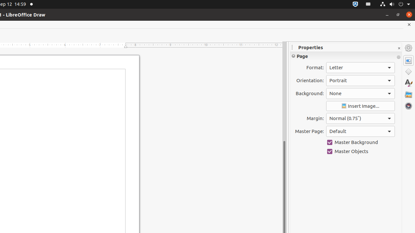 This screenshot has width=415, height=233. Describe the element at coordinates (408, 94) in the screenshot. I see `'Gallery'` at that location.